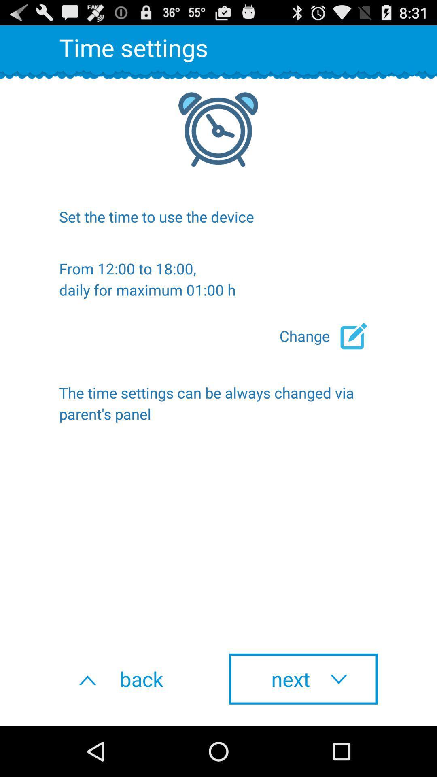 The image size is (437, 777). What do you see at coordinates (329, 336) in the screenshot?
I see `change icon` at bounding box center [329, 336].